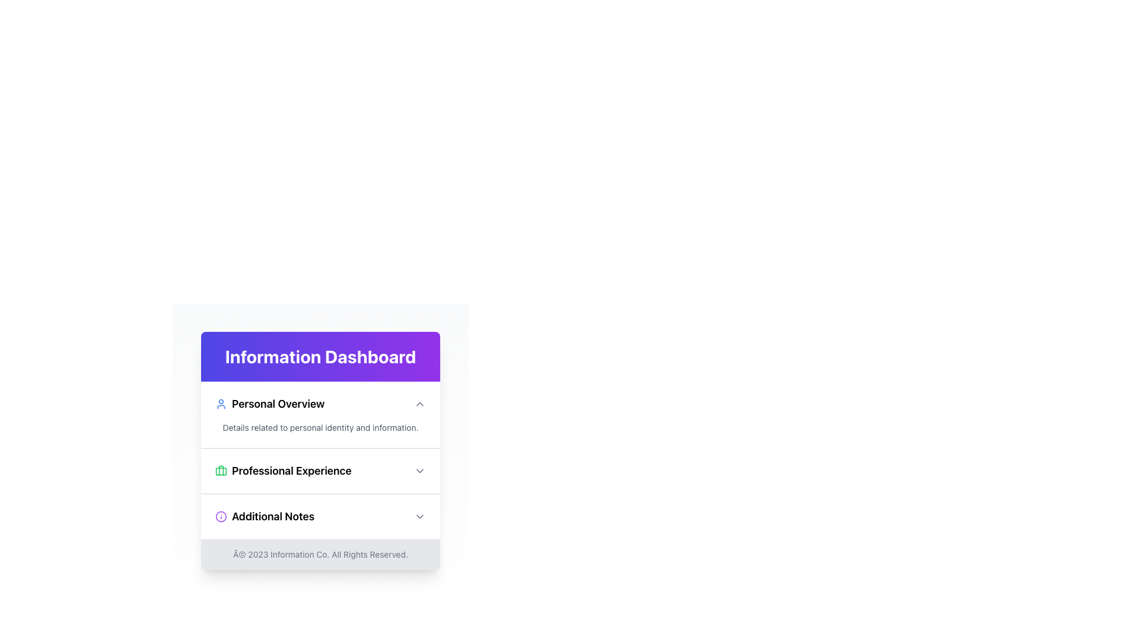 The height and width of the screenshot is (640, 1139). What do you see at coordinates (320, 404) in the screenshot?
I see `the 'Personal Overview' Section Header element` at bounding box center [320, 404].